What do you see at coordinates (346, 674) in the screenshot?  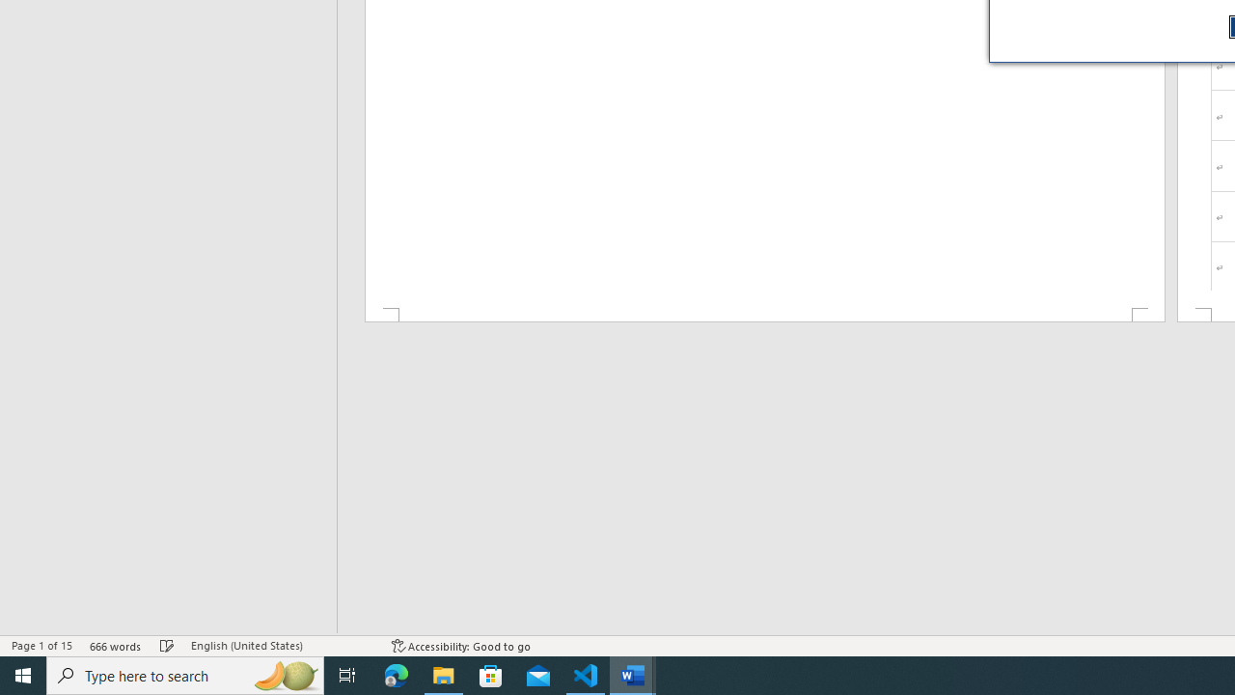 I see `'Task View'` at bounding box center [346, 674].